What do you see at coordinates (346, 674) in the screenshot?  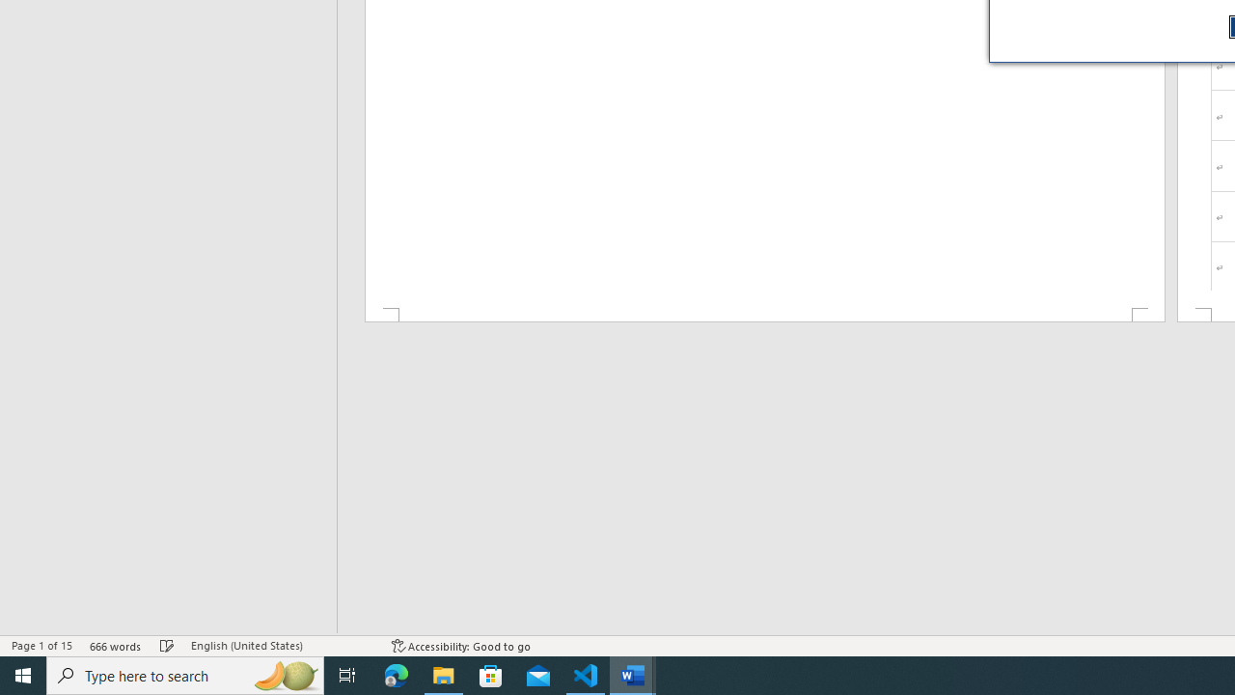 I see `'Task View'` at bounding box center [346, 674].